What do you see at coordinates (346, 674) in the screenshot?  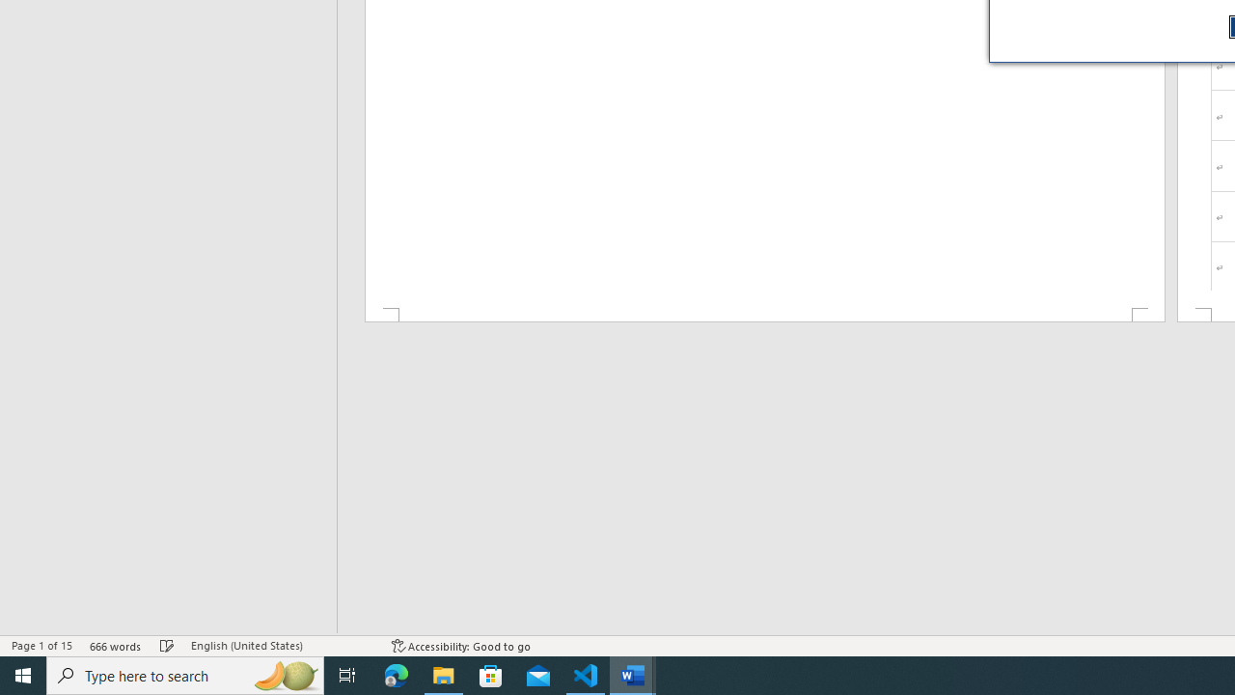 I see `'Task View'` at bounding box center [346, 674].